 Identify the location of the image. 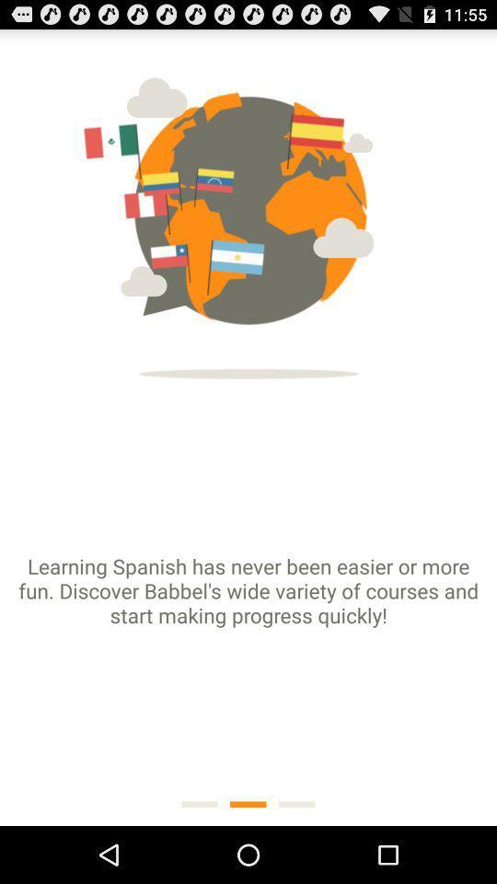
(248, 210).